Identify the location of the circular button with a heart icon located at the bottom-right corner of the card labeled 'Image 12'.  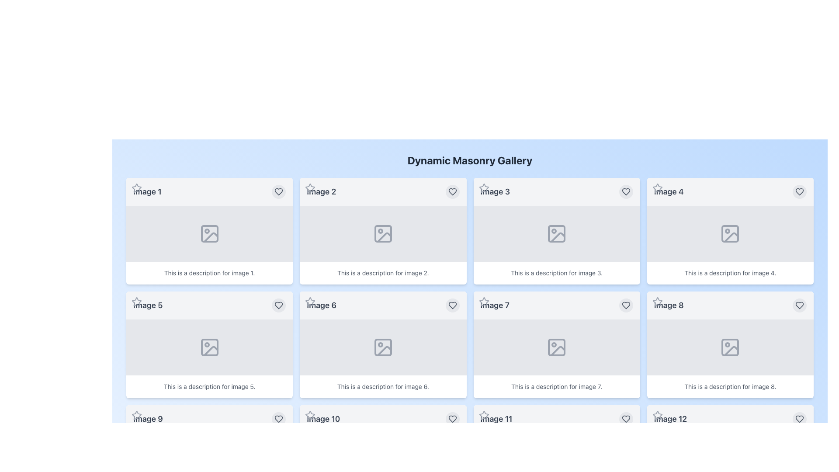
(799, 419).